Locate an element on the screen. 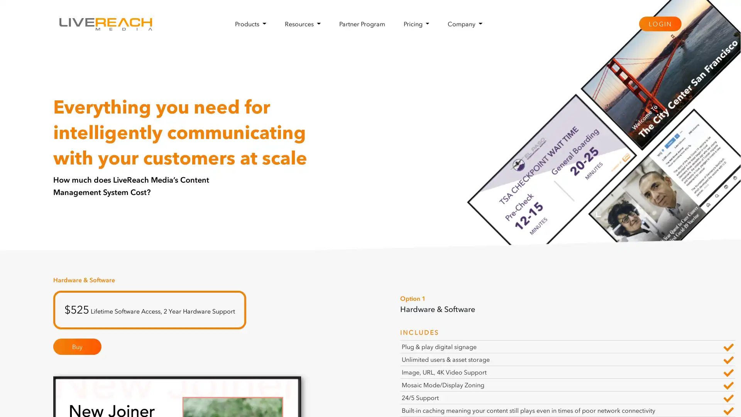  LOGIN is located at coordinates (659, 23).